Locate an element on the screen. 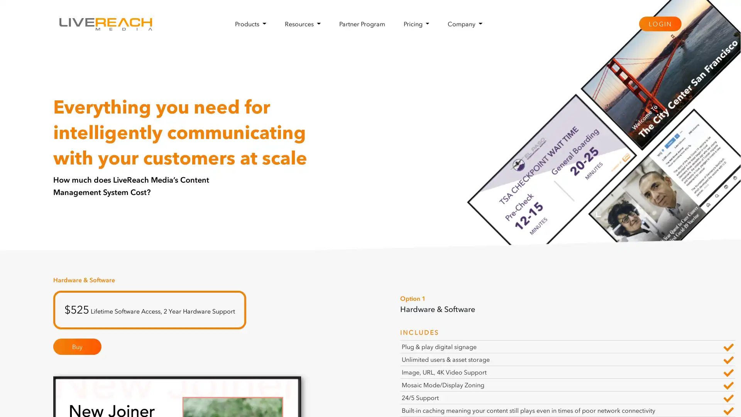  LOGIN is located at coordinates (659, 23).